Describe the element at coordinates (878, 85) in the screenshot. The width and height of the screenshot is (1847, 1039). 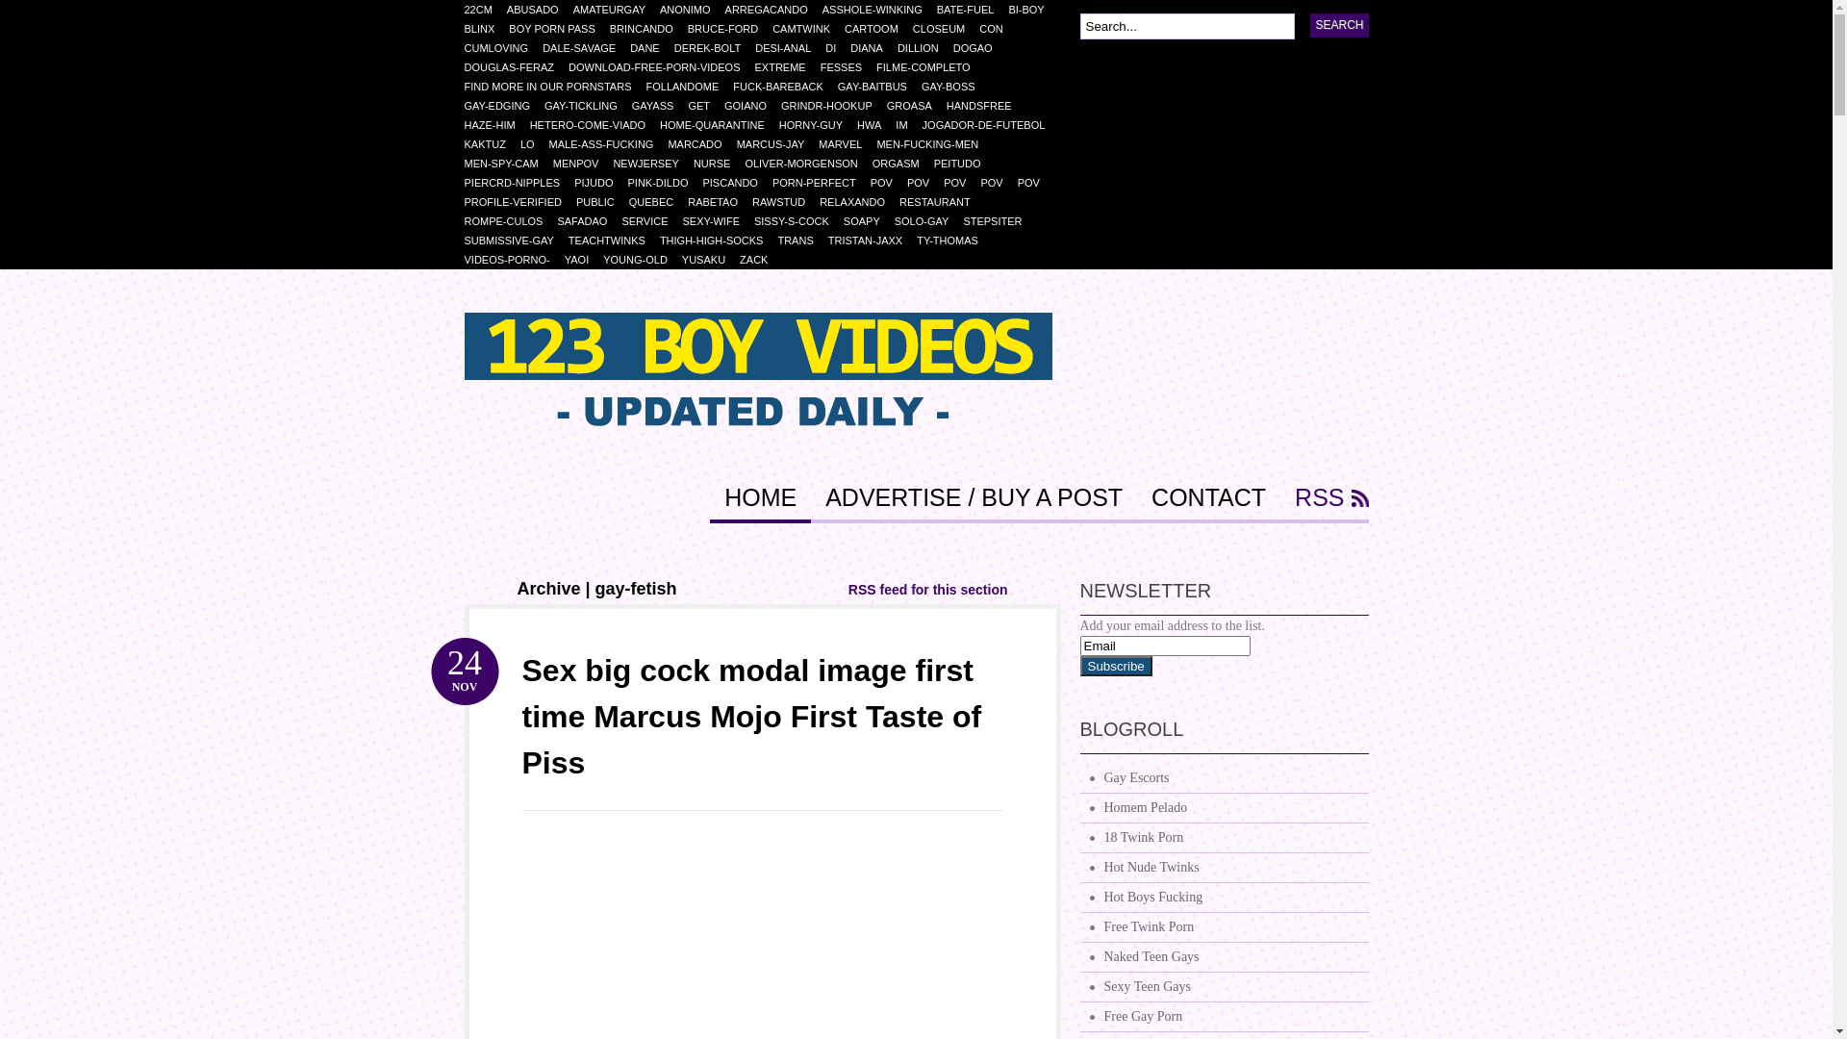
I see `'GAY-BAITBUS'` at that location.